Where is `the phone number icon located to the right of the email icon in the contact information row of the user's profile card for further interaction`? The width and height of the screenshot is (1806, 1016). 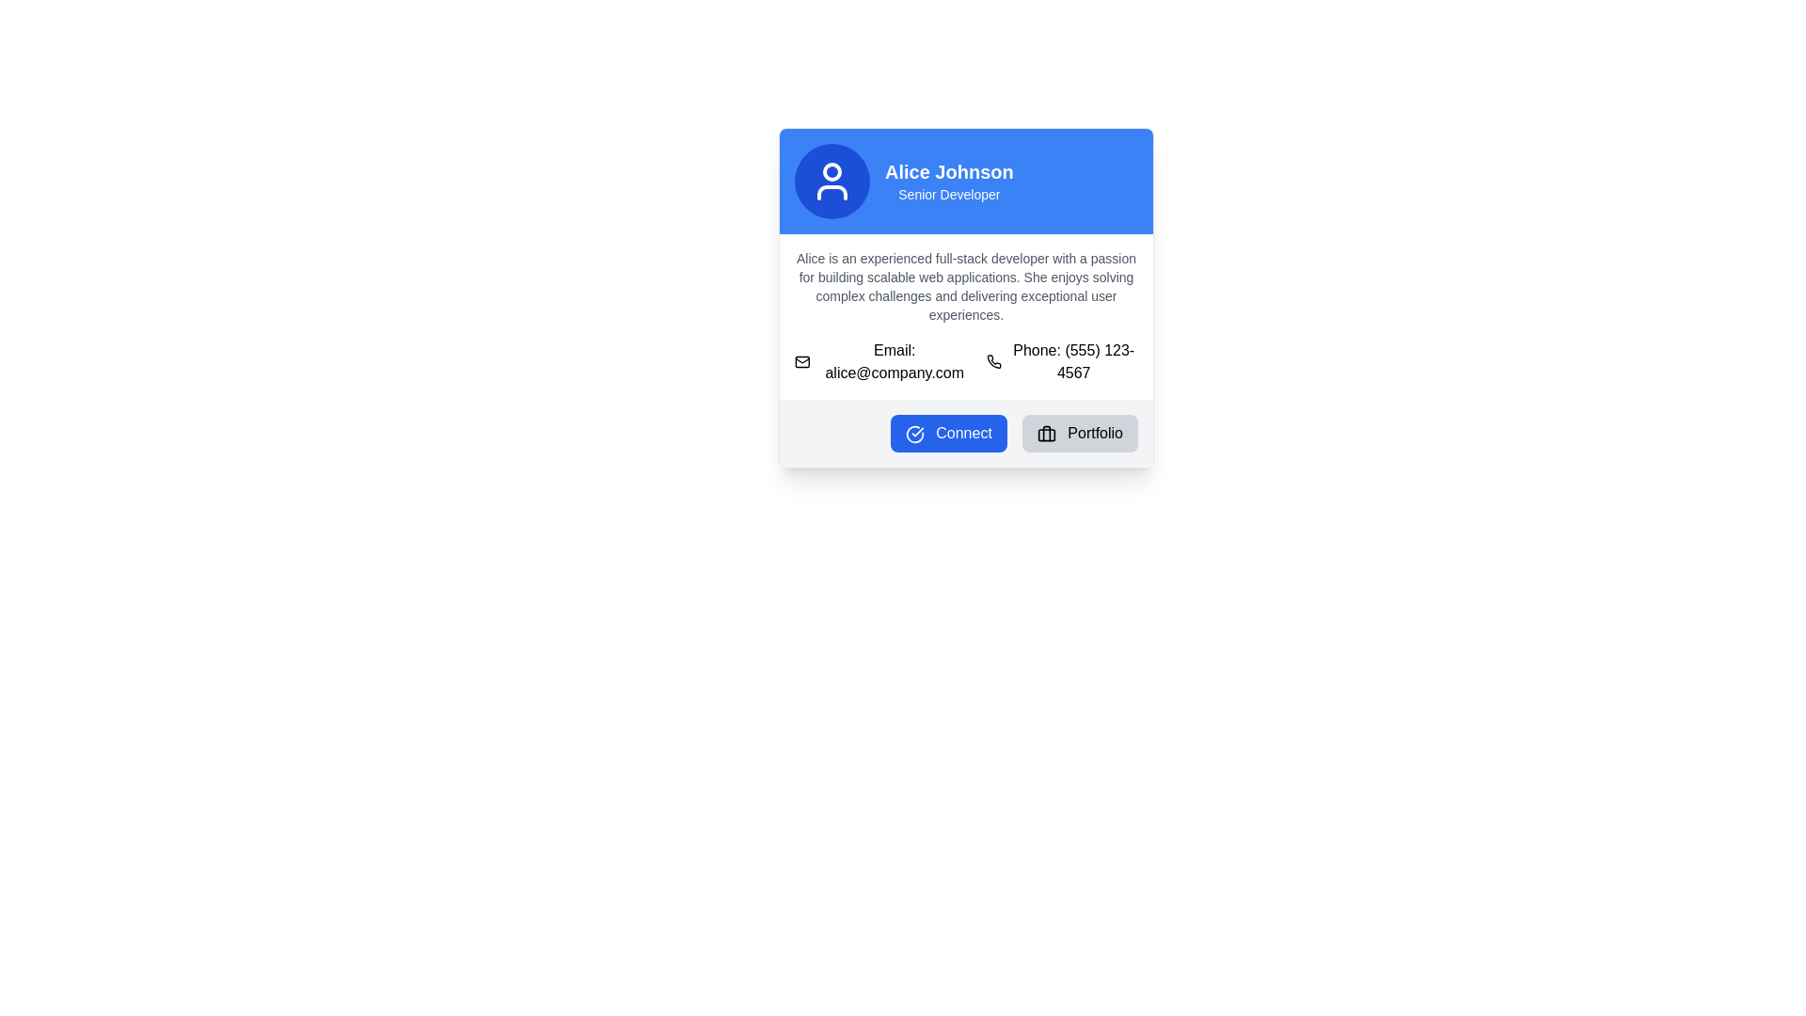 the phone number icon located to the right of the email icon in the contact information row of the user's profile card for further interaction is located at coordinates (993, 362).